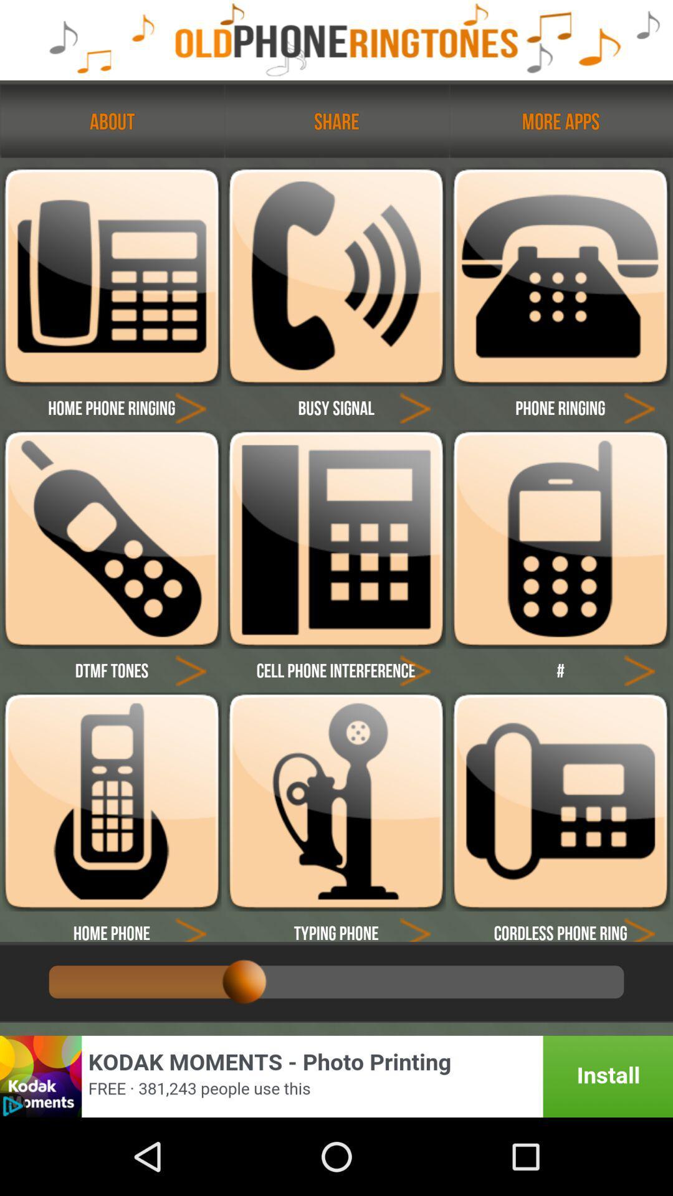  Describe the element at coordinates (415, 669) in the screenshot. I see `next` at that location.